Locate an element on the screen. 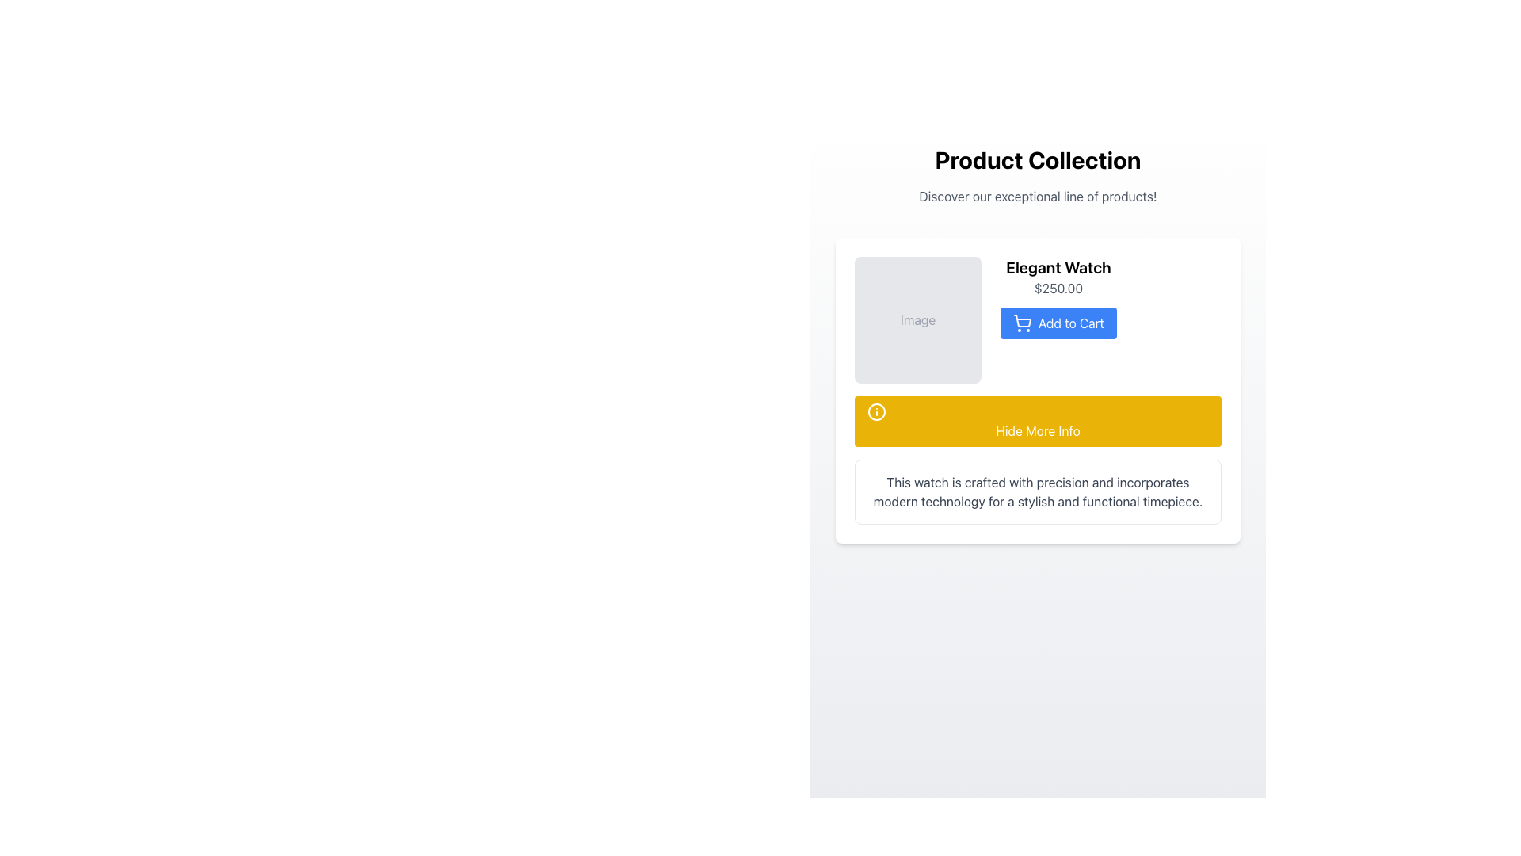 The height and width of the screenshot is (856, 1521). the decorative graphical icon within the 'Add to Cart' button, which enhances its visual representation and symbolizes its purpose is located at coordinates (1023, 321).